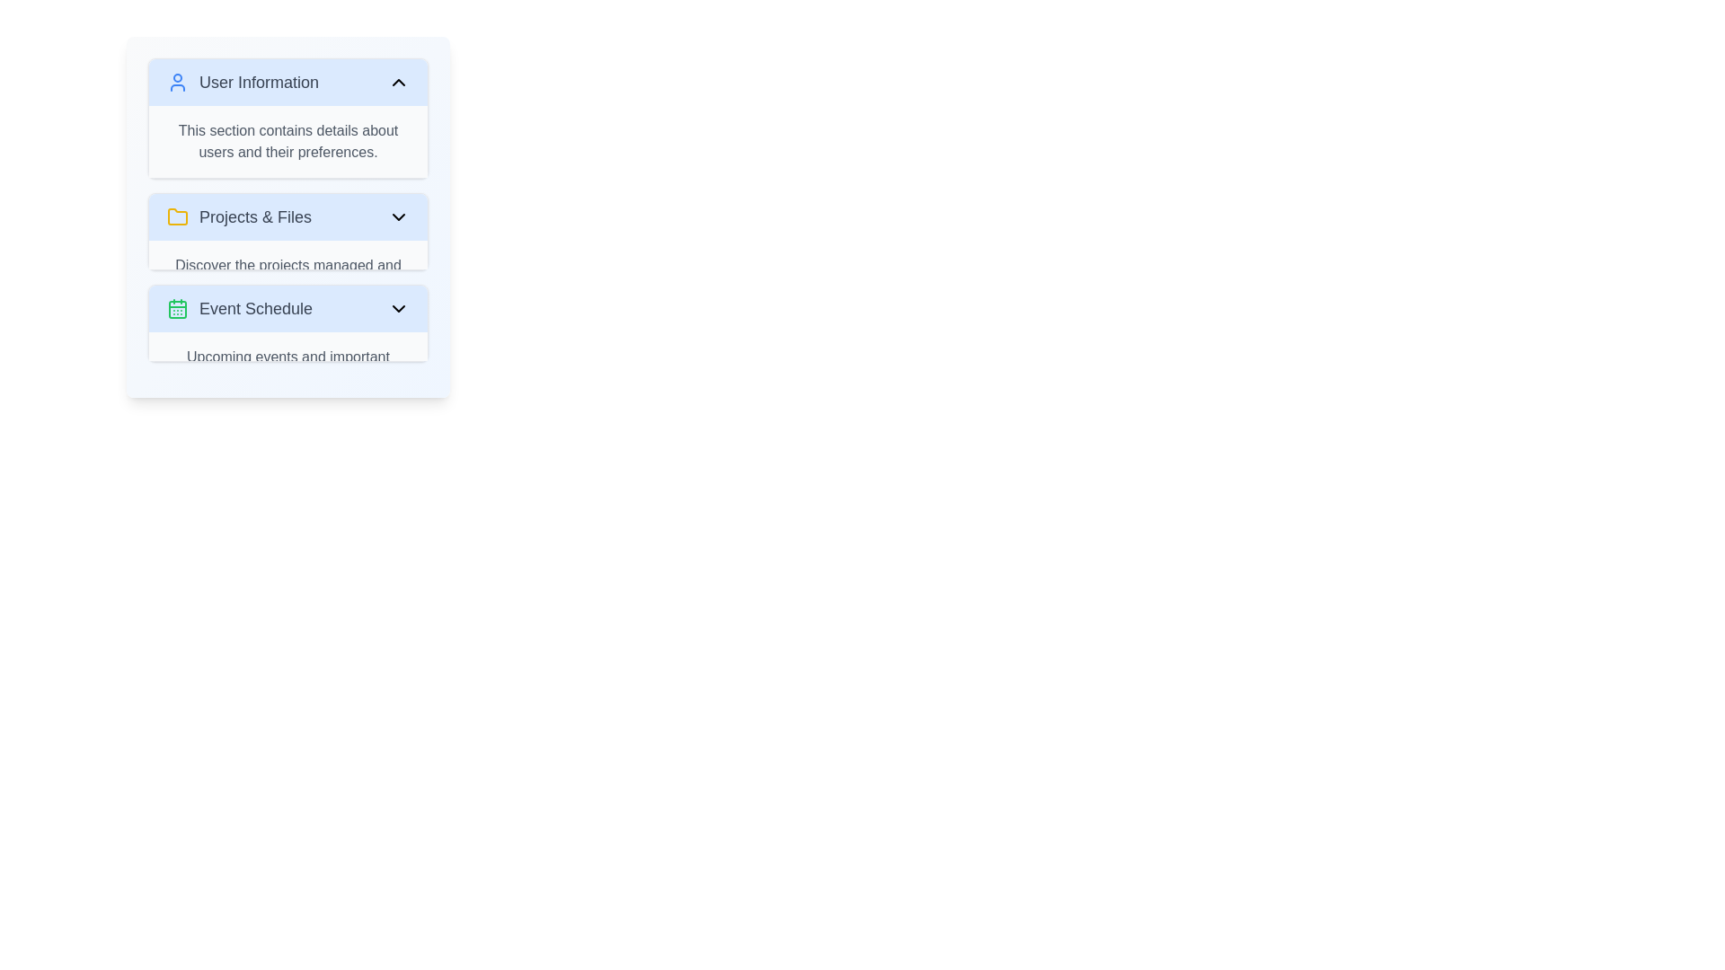 The image size is (1725, 970). Describe the element at coordinates (288, 366) in the screenshot. I see `the static text label that reads 'Upcoming events and important deadlines are listed here.' which is positioned centrally beneath the 'Event Schedule' header` at that location.